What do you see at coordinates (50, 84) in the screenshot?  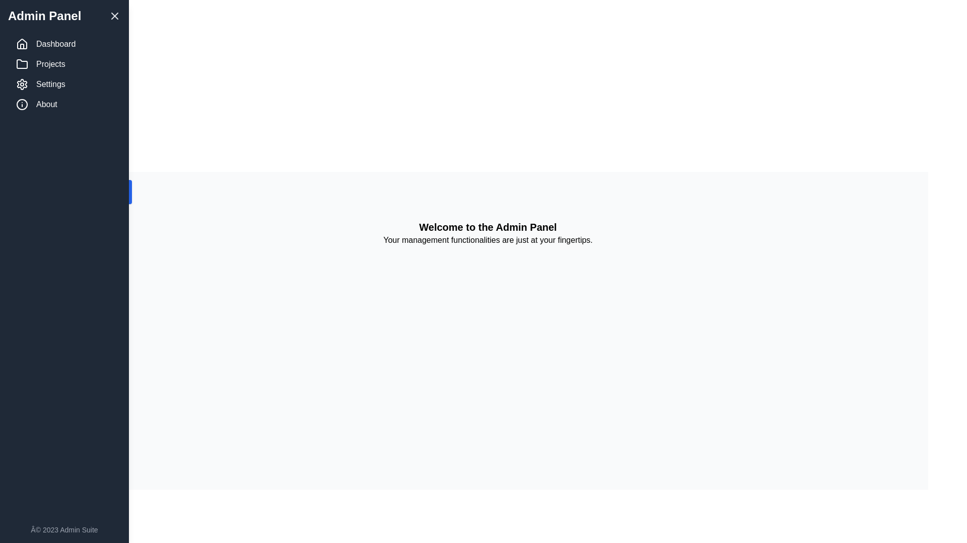 I see `the static text label displaying 'Settings' in white on a dark background, located in the navigation sidebar as the third item below 'Projects'` at bounding box center [50, 84].